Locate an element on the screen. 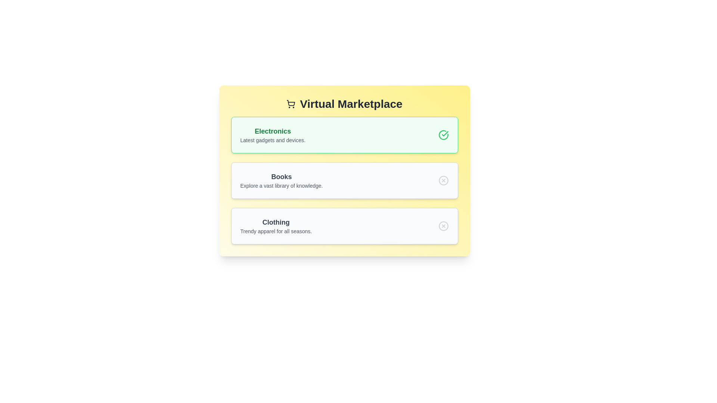 Image resolution: width=717 pixels, height=403 pixels. the category item Clothing to view its hover effect is located at coordinates (276, 225).